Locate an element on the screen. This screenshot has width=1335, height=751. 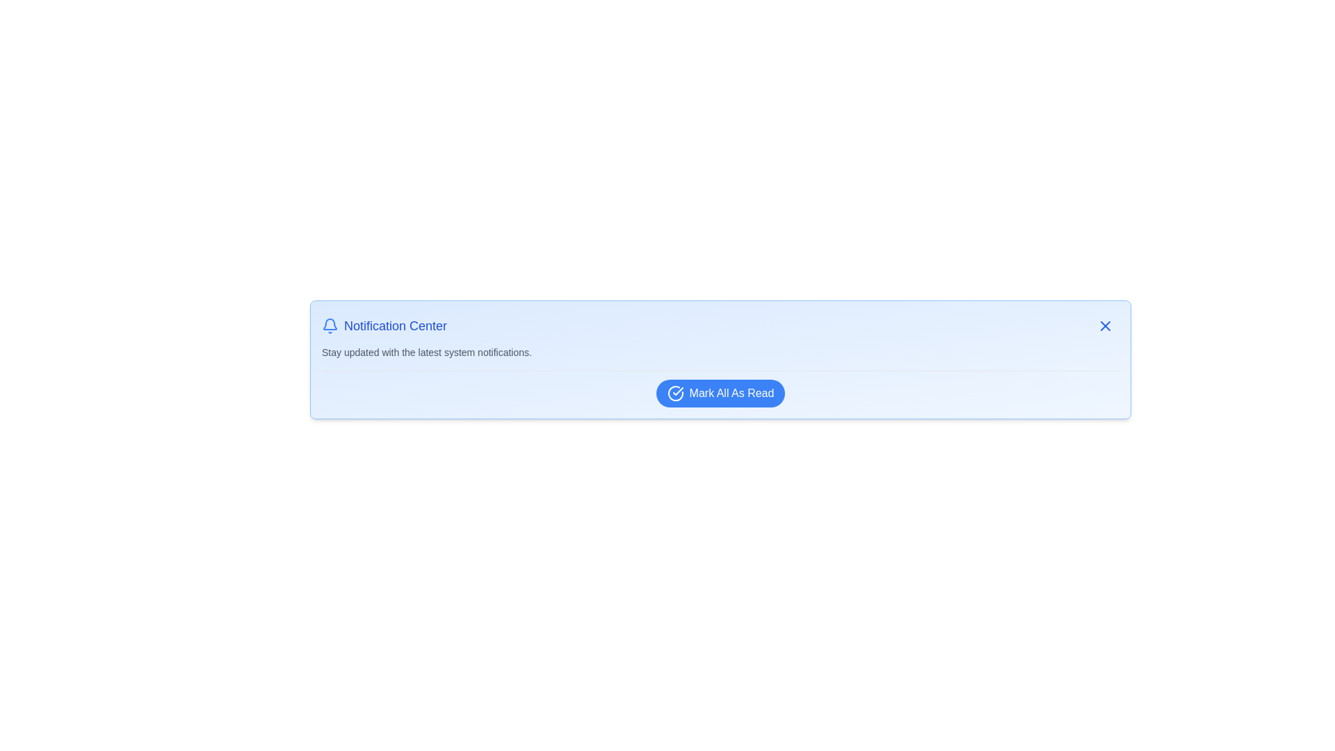
the Label that serves as the title for the notification panel, located at the upper-left corner of the panel, to the left of the description text and above the 'Mark All As Read' button is located at coordinates (384, 326).